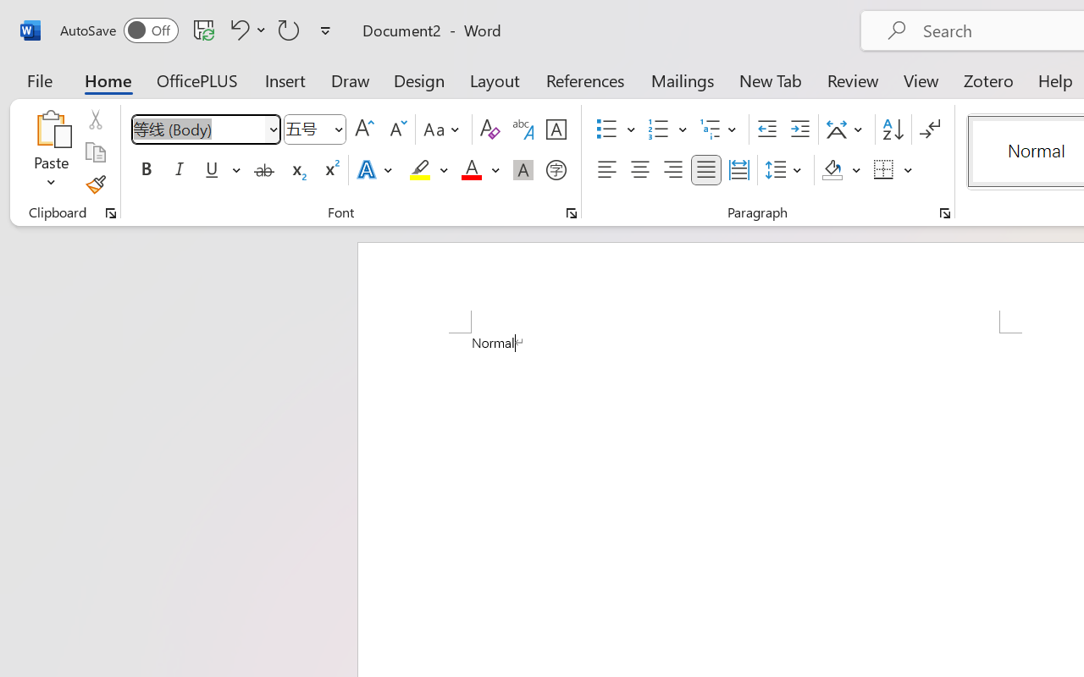  What do you see at coordinates (245, 29) in the screenshot?
I see `'Undo Apply Quick Style'` at bounding box center [245, 29].